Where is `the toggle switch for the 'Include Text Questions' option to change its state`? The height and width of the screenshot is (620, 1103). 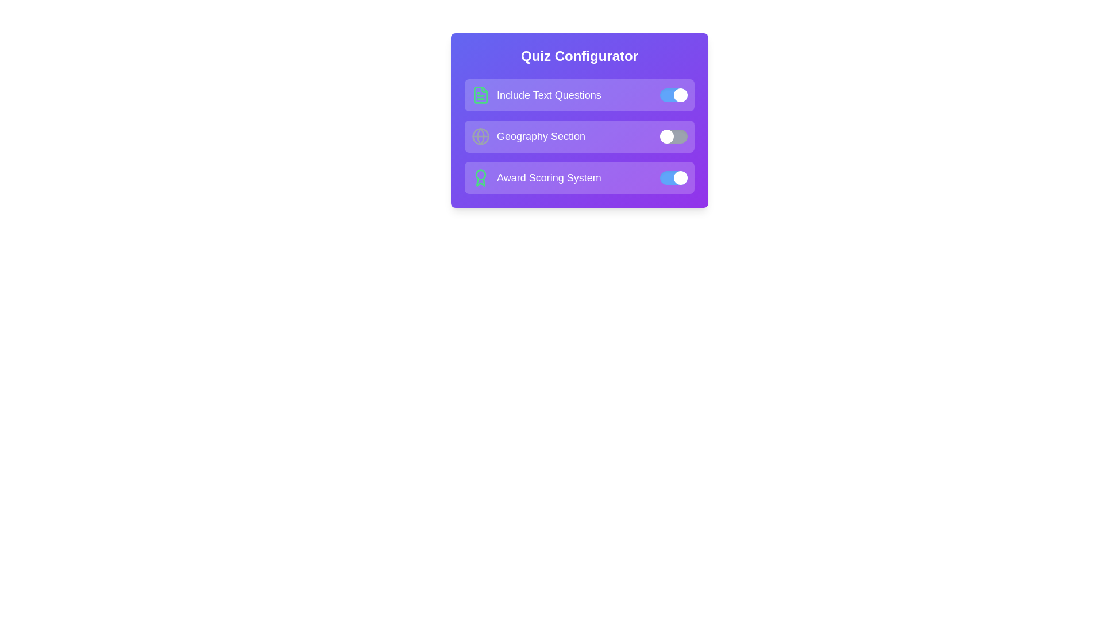
the toggle switch for the 'Include Text Questions' option to change its state is located at coordinates (673, 94).